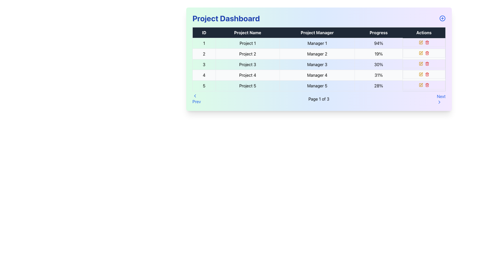 The width and height of the screenshot is (498, 280). What do you see at coordinates (317, 64) in the screenshot?
I see `on the text cell displaying 'Manager 3' in the third column of the 'Project 3' row in the 'Project Dashboard' table` at bounding box center [317, 64].